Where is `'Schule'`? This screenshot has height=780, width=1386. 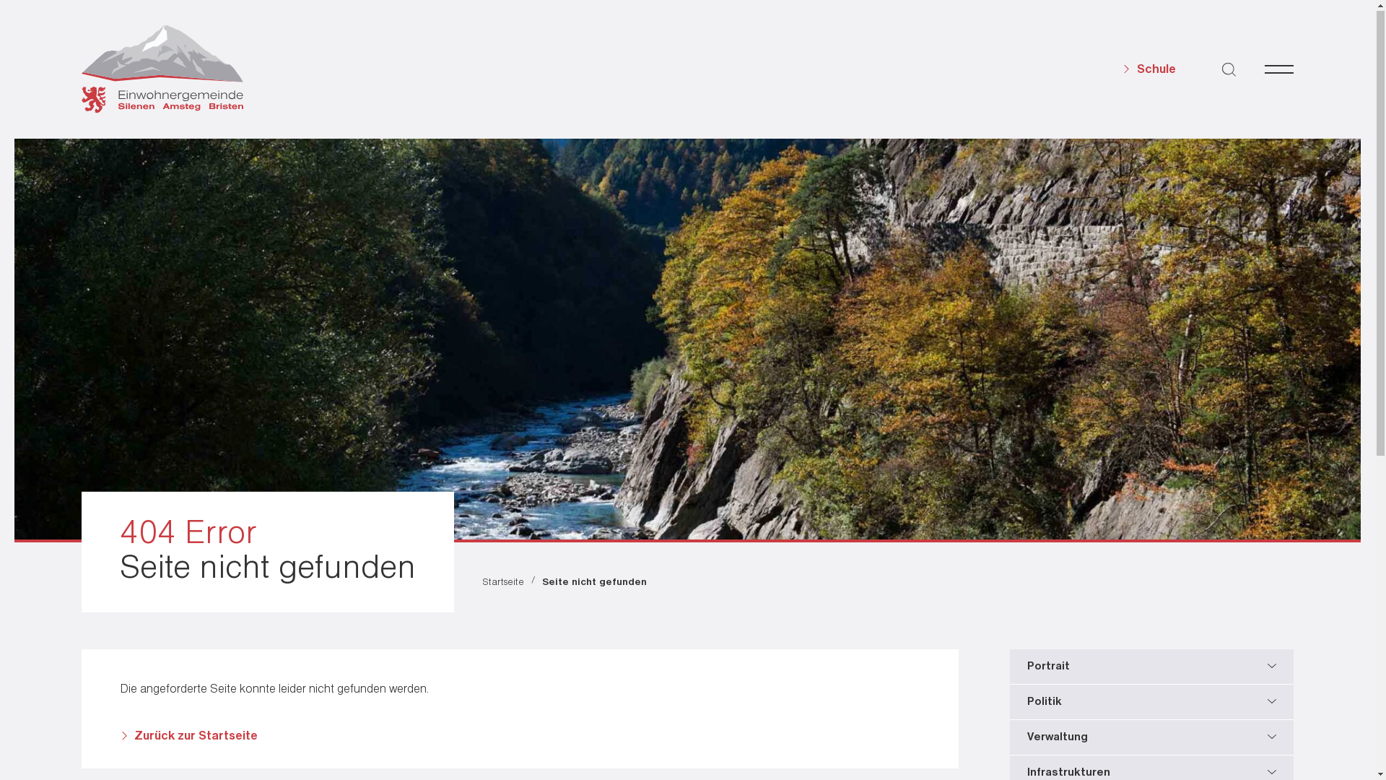 'Schule' is located at coordinates (1149, 70).